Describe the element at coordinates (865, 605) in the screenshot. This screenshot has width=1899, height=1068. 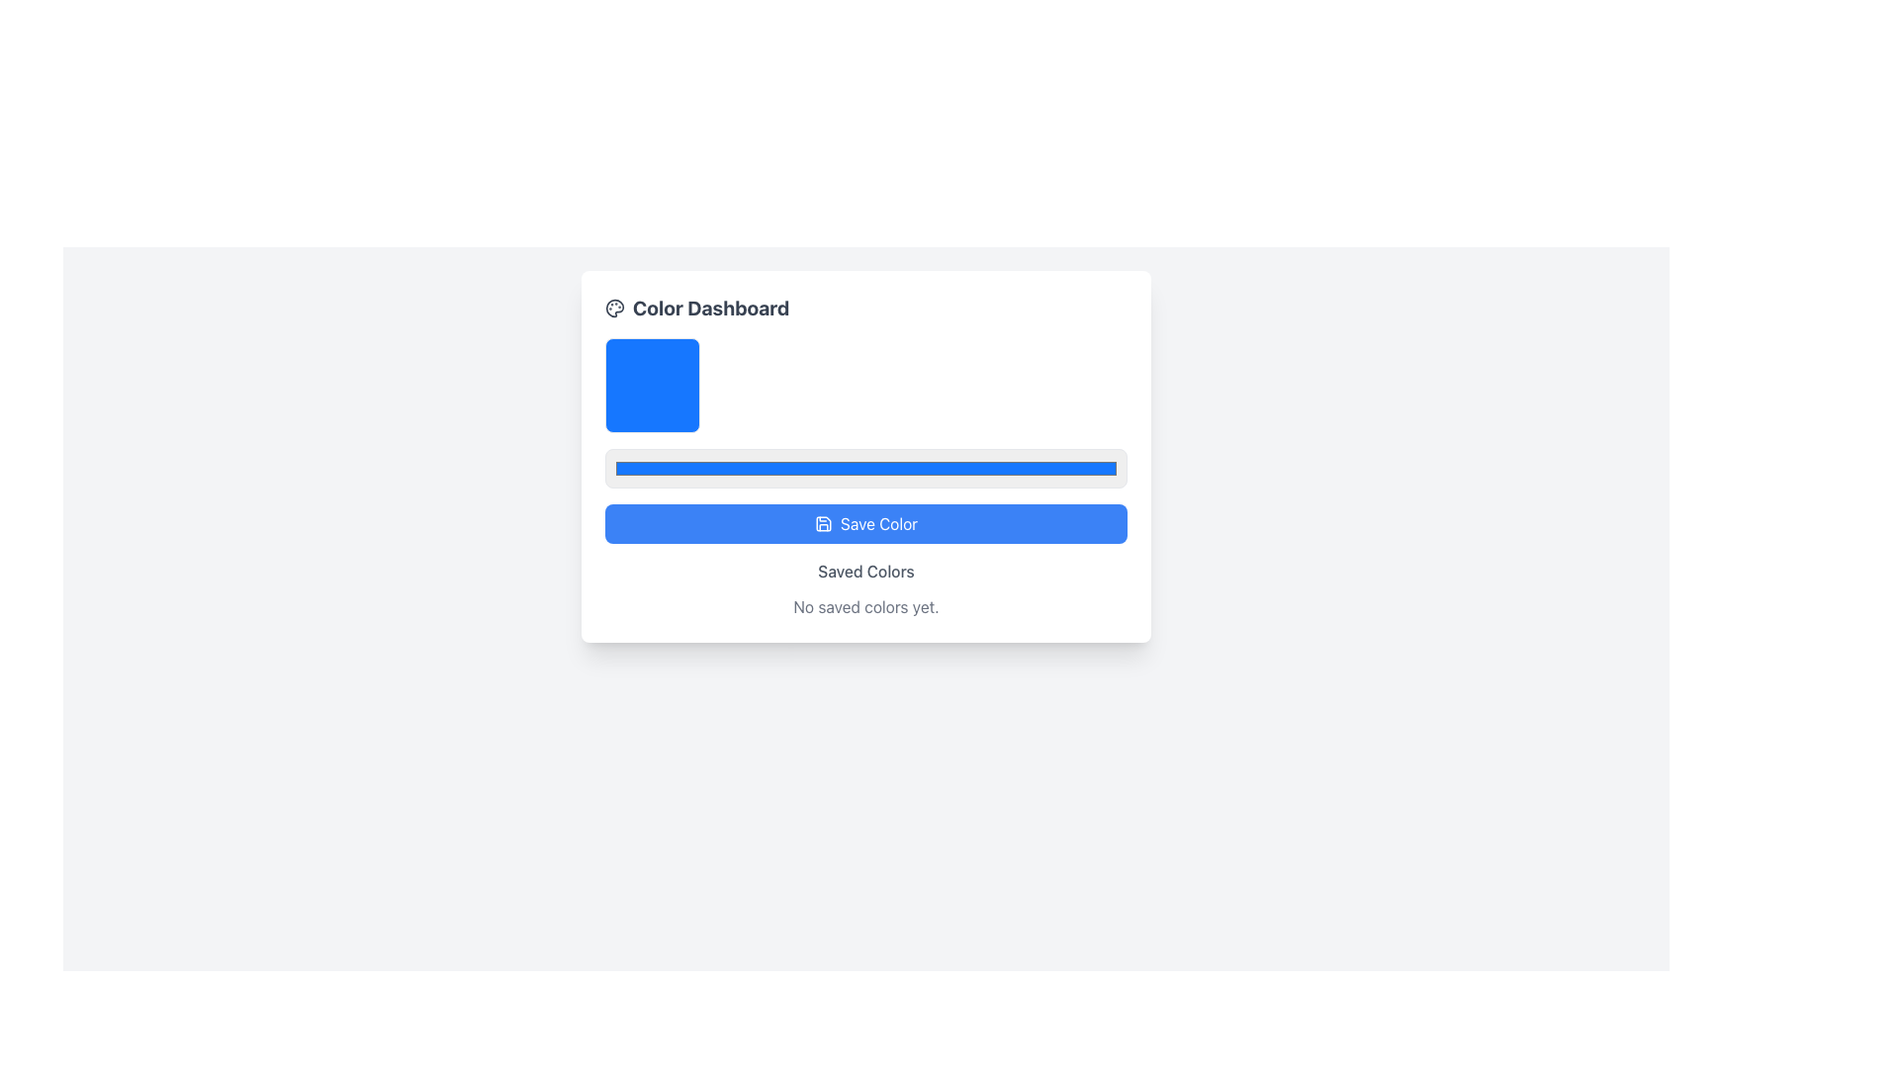
I see `the static text indicating that no colors have been saved by the user, located directly below the 'Saved Colors' heading in the dashboard` at that location.